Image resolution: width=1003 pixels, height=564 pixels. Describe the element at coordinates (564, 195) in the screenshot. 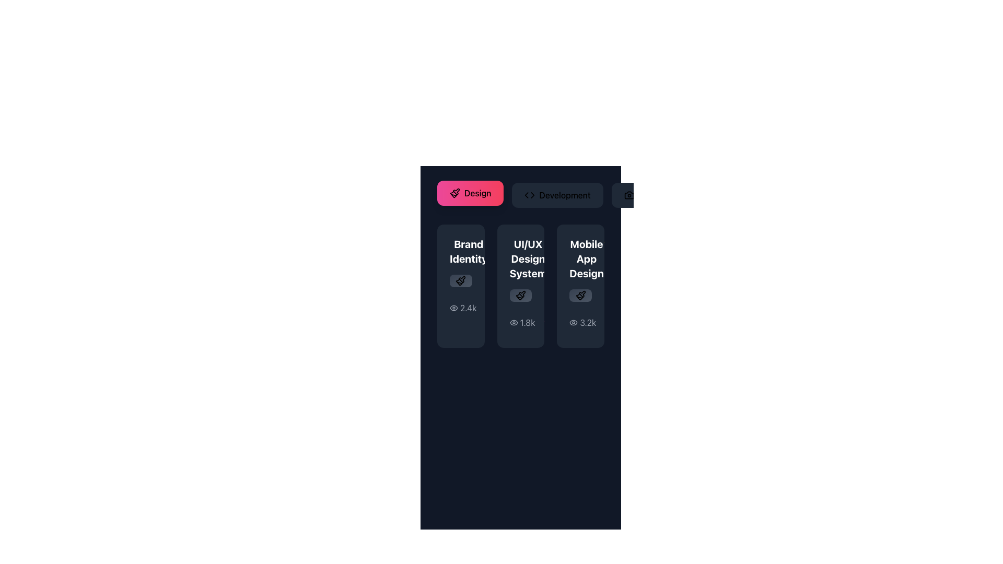

I see `the 'Development' text label located in the top-middle section of the navigation bar` at that location.